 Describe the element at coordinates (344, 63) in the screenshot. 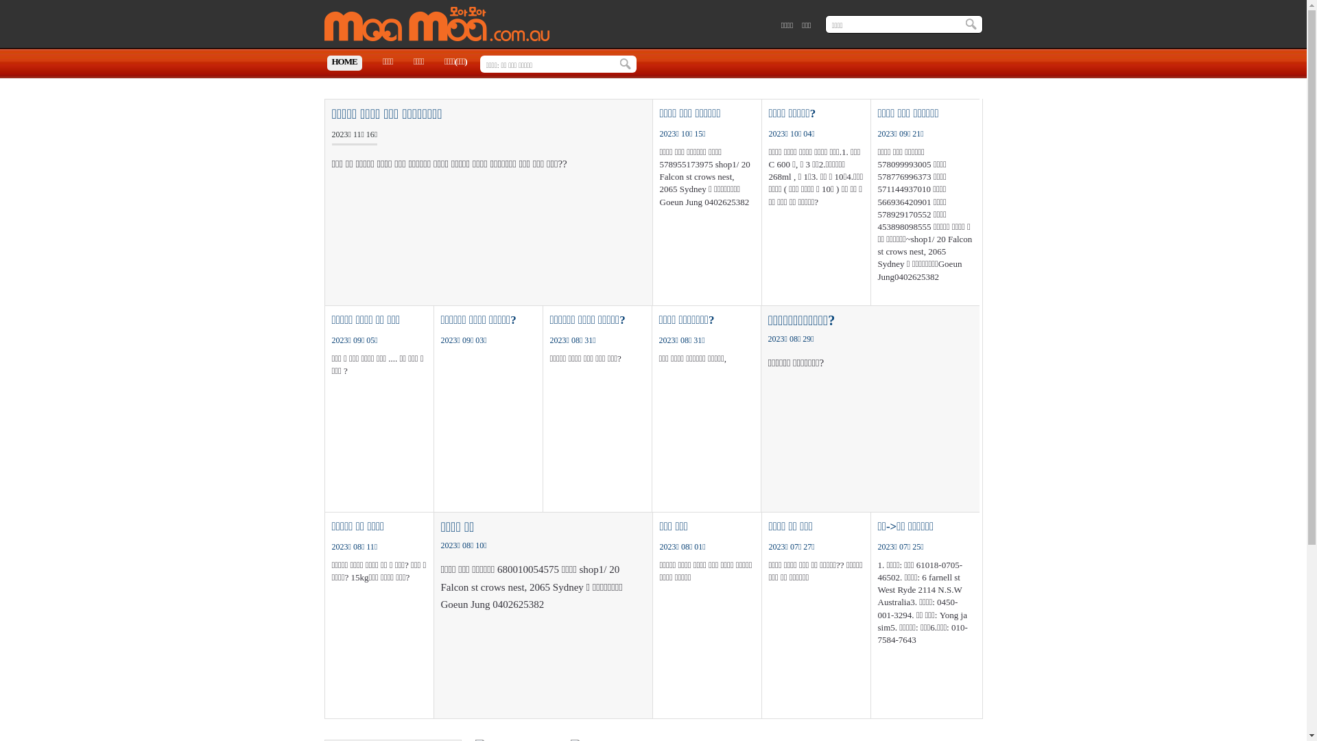

I see `'HOME'` at that location.